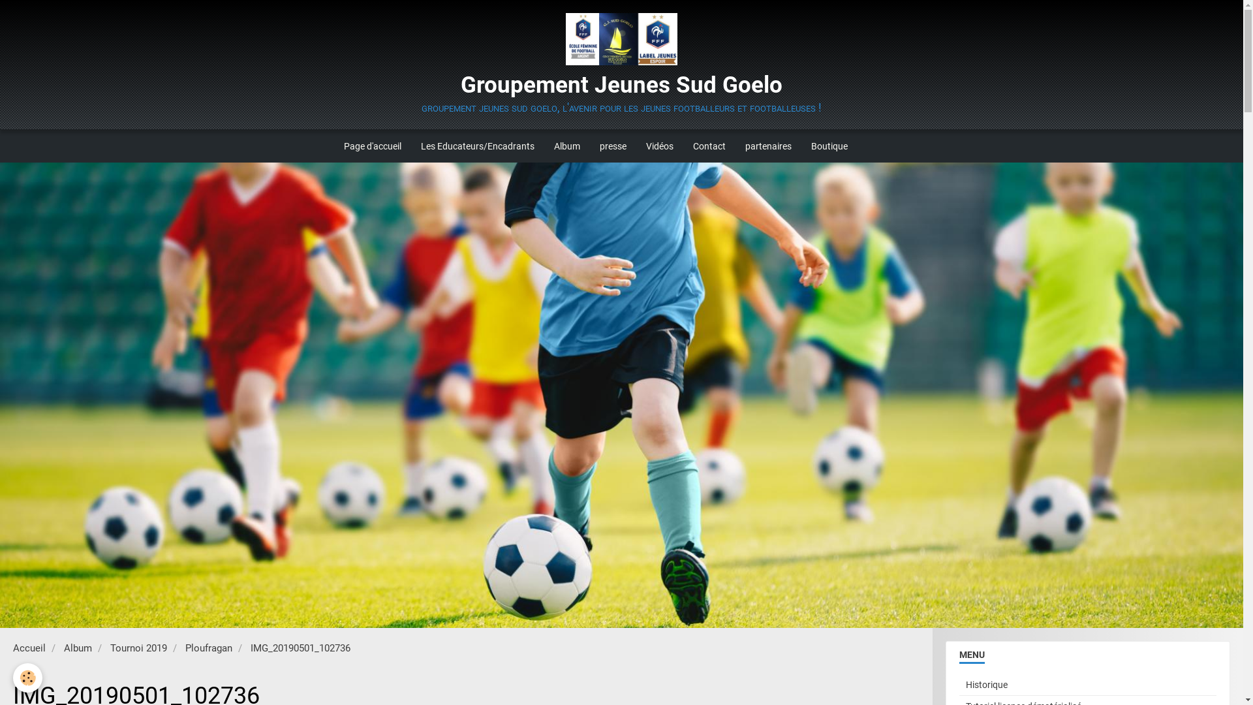  What do you see at coordinates (566, 146) in the screenshot?
I see `'Album'` at bounding box center [566, 146].